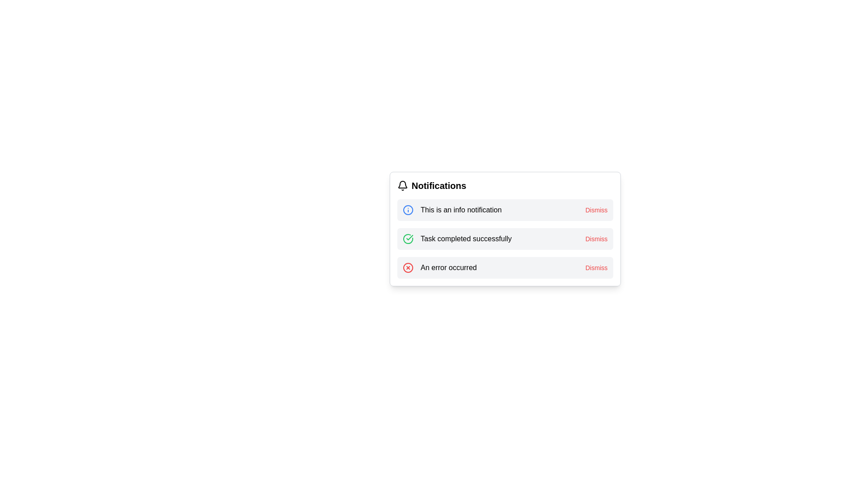  What do you see at coordinates (504, 238) in the screenshot?
I see `the second notification in the vertically stacked list` at bounding box center [504, 238].